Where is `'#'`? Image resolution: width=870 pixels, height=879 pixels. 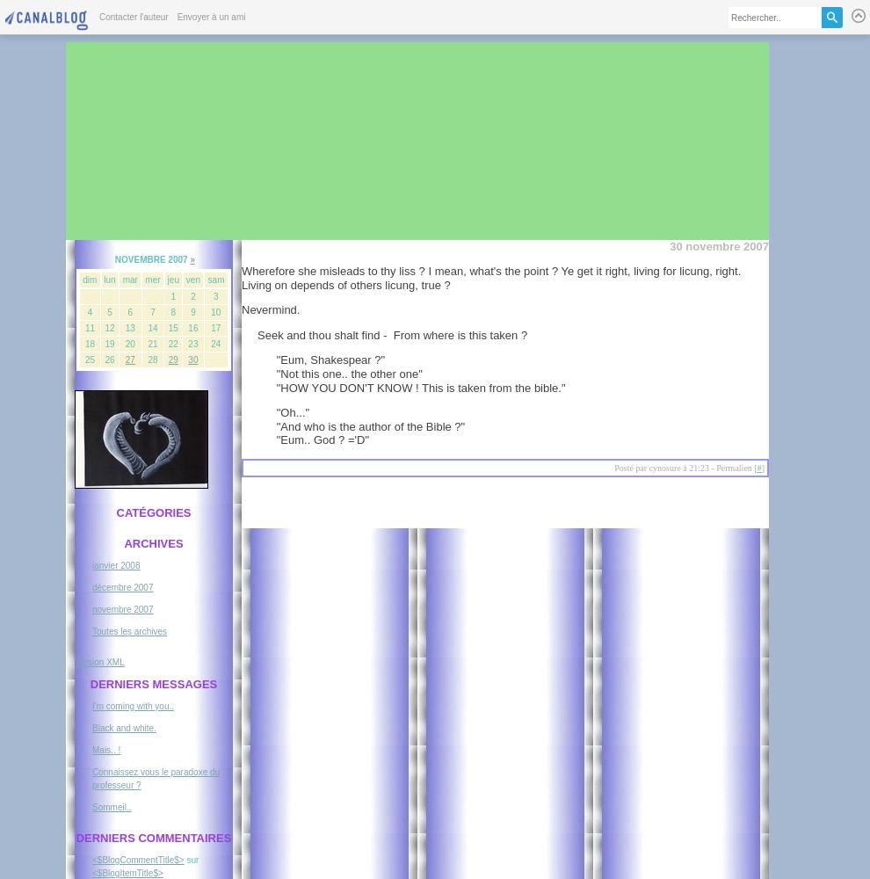 '#' is located at coordinates (758, 467).